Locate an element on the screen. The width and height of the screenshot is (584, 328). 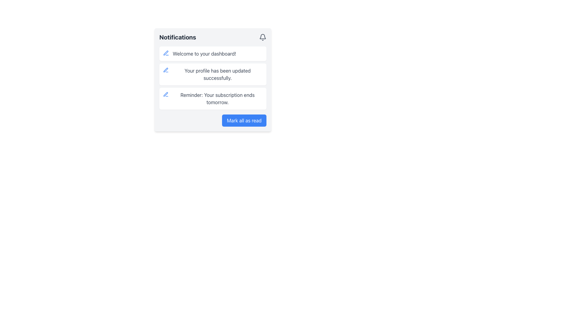
the edit icon located on the left side of the text in the second notification entry of the 'Notifications' panel, which indicates an edit or annotate action for the notification about profile update is located at coordinates (166, 70).